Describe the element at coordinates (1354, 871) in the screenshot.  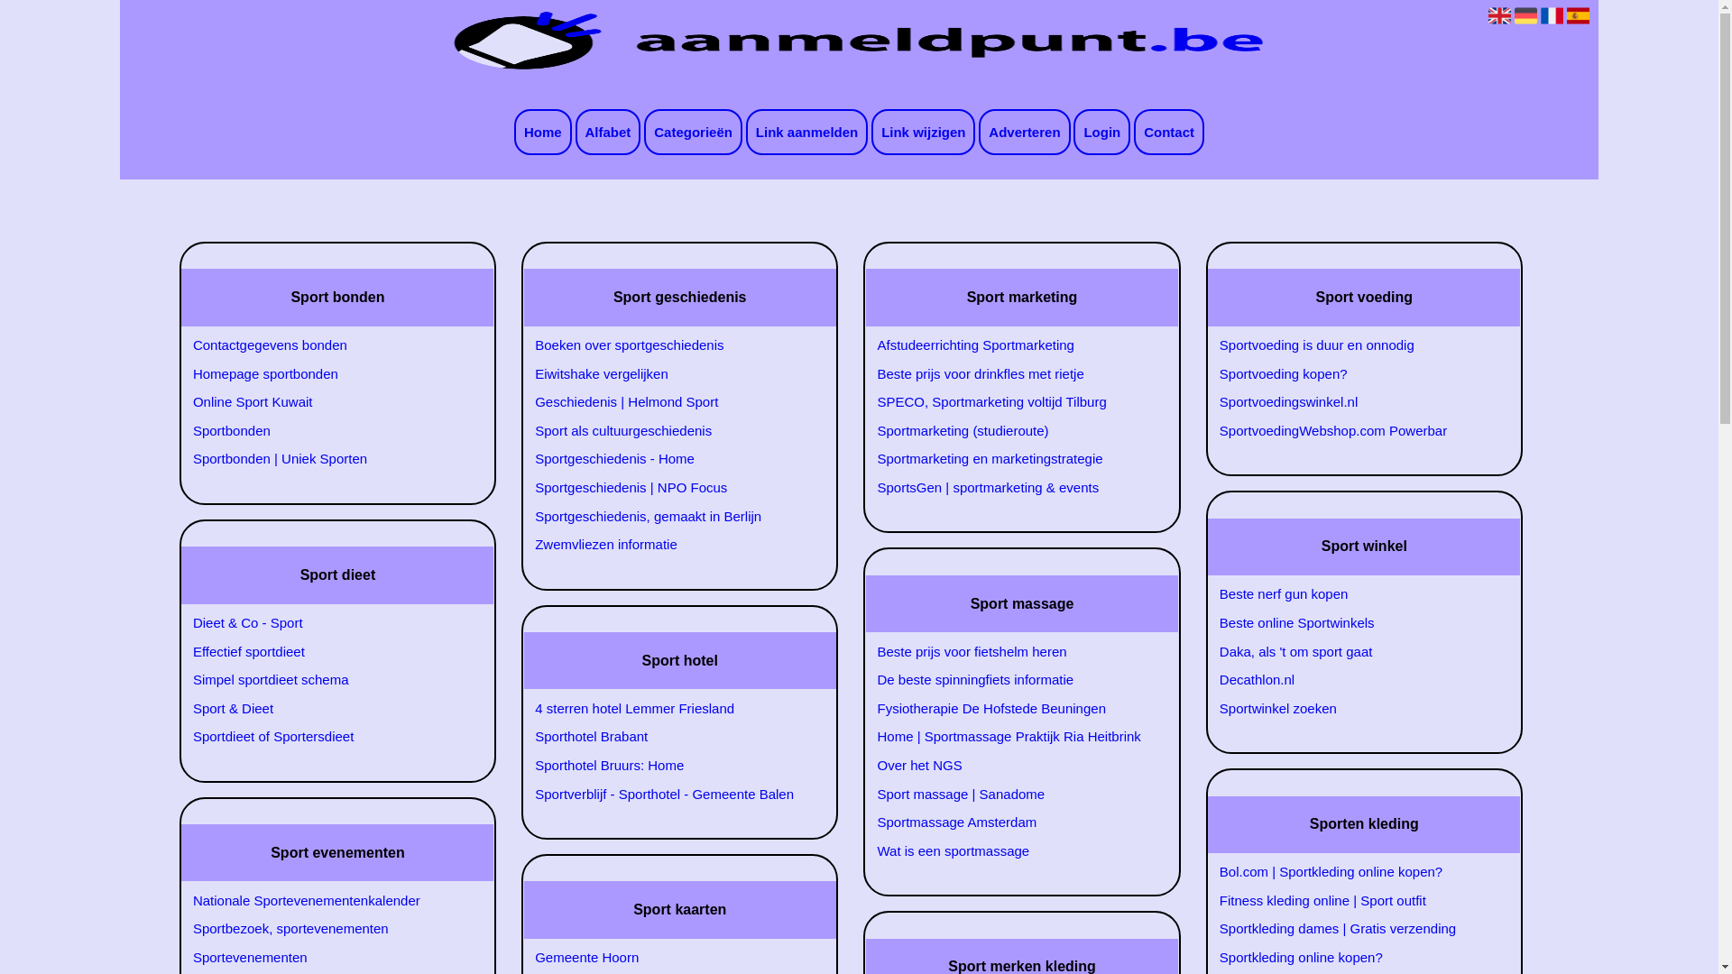
I see `'Bol.com | Sportkleding online kopen?'` at that location.